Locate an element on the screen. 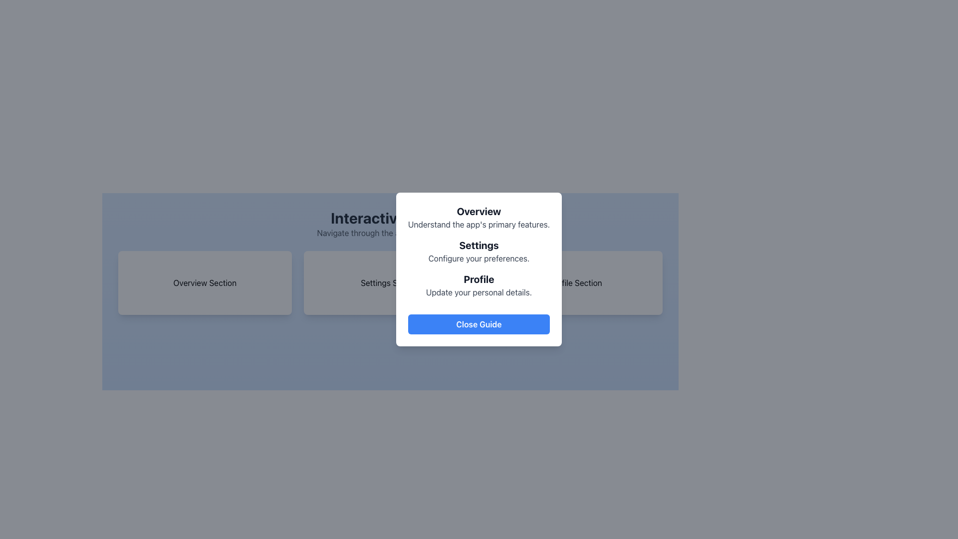  the Text Display element that provides a title is located at coordinates (479, 251).